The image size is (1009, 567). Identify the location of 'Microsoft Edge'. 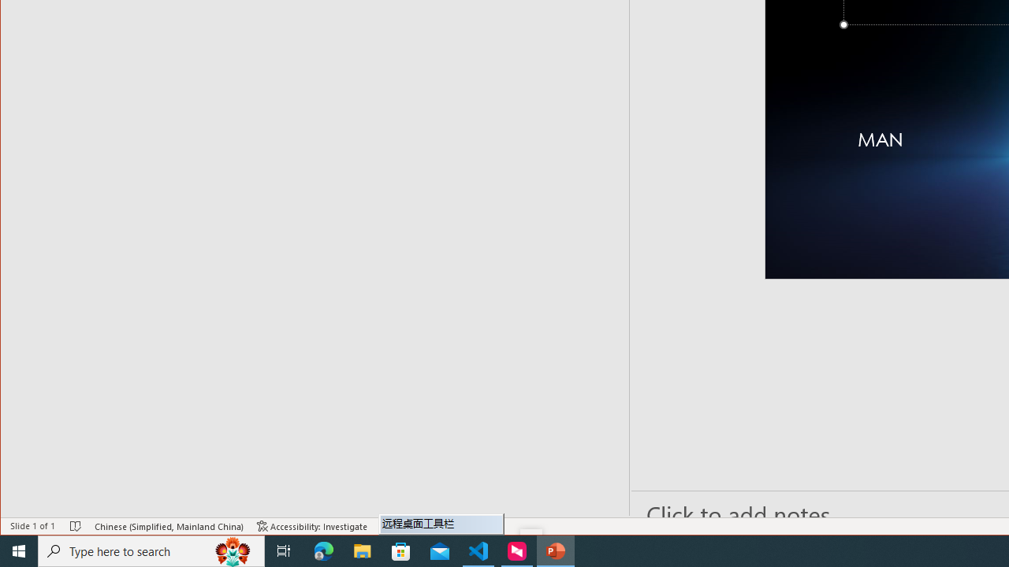
(323, 550).